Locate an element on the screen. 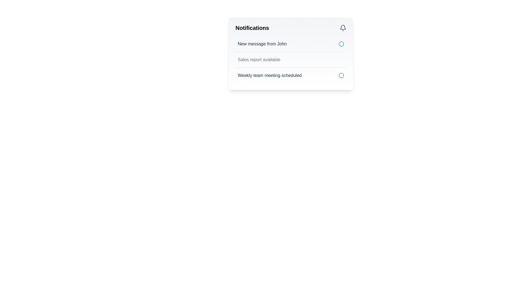 Image resolution: width=532 pixels, height=299 pixels. the circular icon with a blue border located to the right of the text 'New message from John' to mark the notification as read is located at coordinates (341, 43).